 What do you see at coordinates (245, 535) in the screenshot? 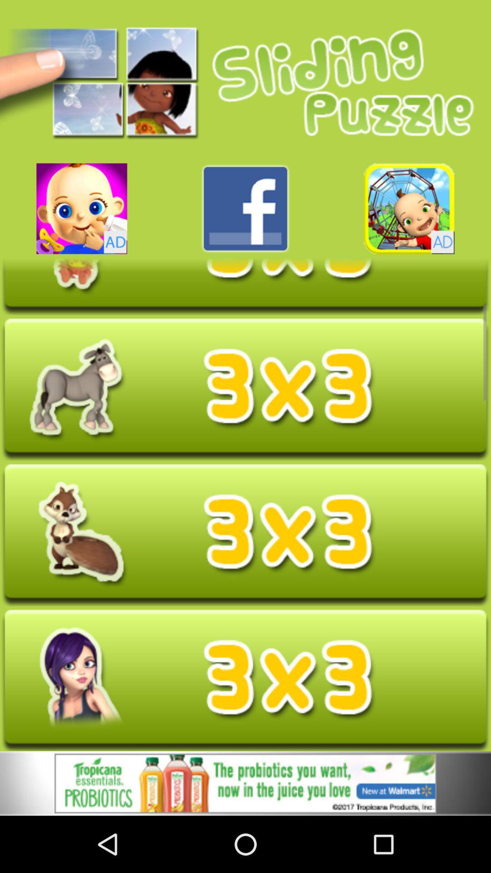
I see `choose this puzzle` at bounding box center [245, 535].